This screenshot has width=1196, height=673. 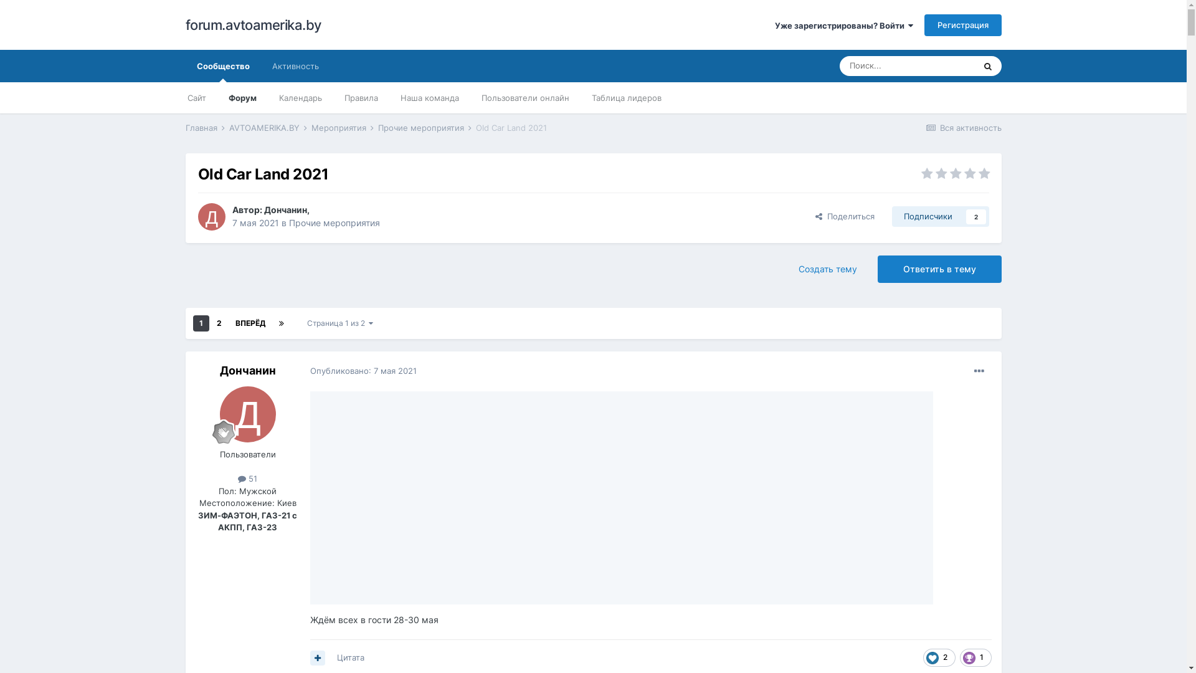 I want to click on '51', so click(x=238, y=477).